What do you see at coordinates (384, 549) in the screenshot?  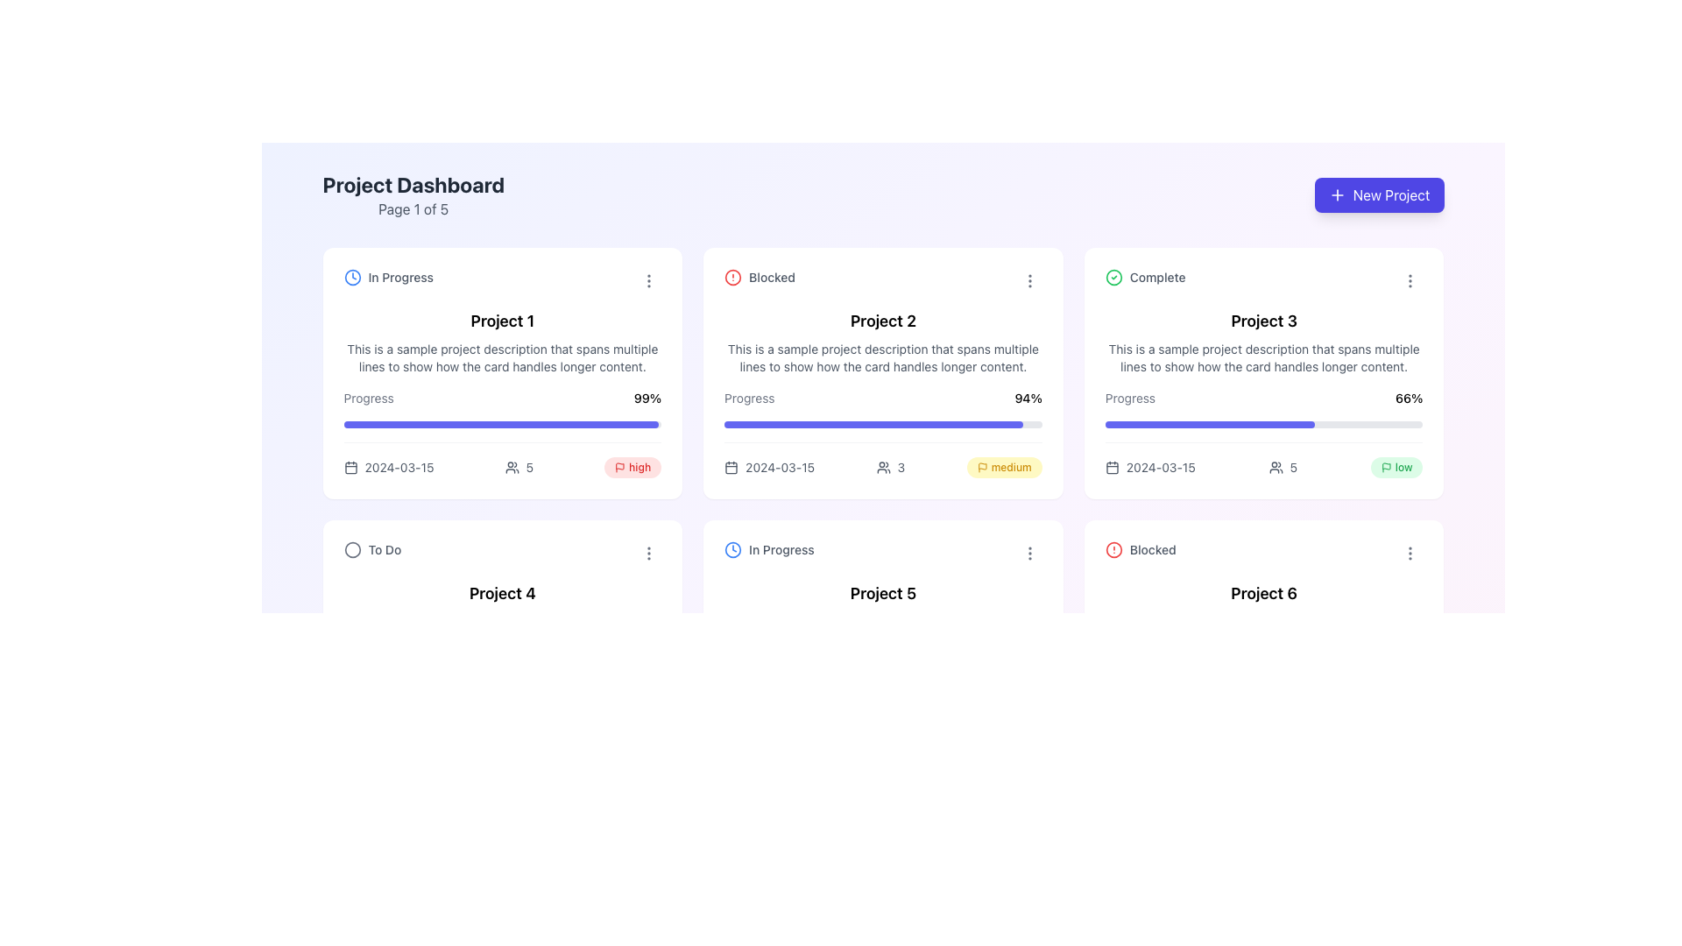 I see `the 'To Do' label, which is a small, gray text label positioned within the top-left corner of the 'Project 4' card, to the right of a circular icon` at bounding box center [384, 549].